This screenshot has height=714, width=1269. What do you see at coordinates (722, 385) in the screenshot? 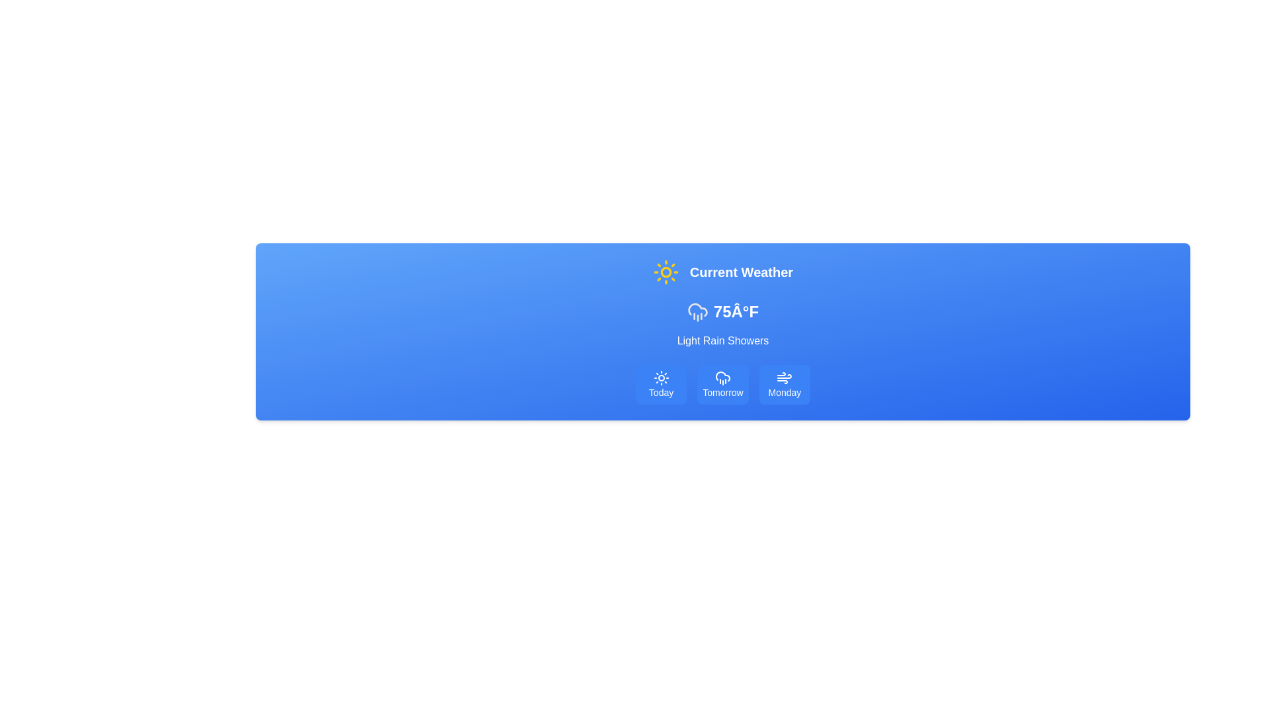
I see `'Tomorrow' weather forecast button located between the 'Today' and 'Monday' buttons for development purposes` at bounding box center [722, 385].